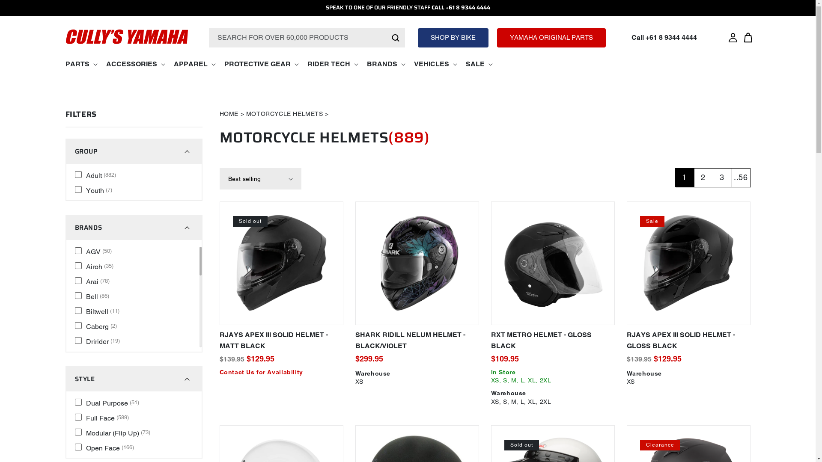 This screenshot has height=462, width=822. Describe the element at coordinates (417, 340) in the screenshot. I see `'SHARK RIDILL NELUM HELMET - BLACK/VIOLET'` at that location.